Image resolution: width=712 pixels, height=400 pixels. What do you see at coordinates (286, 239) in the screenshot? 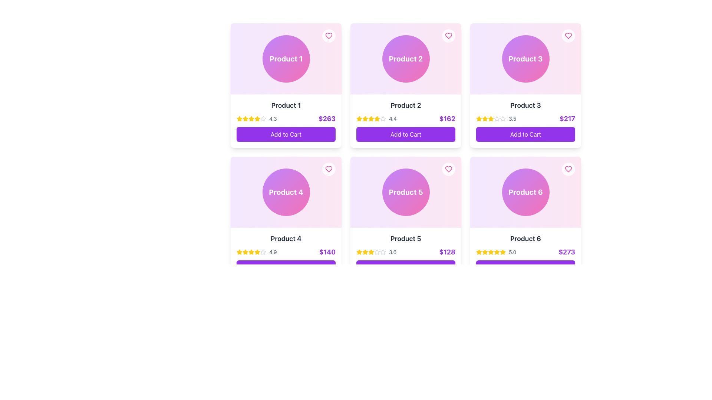
I see `the static text label 'Product 4' which is styled in a large, bold, dark font and located in the second row, first column of a grid of product cards` at bounding box center [286, 239].